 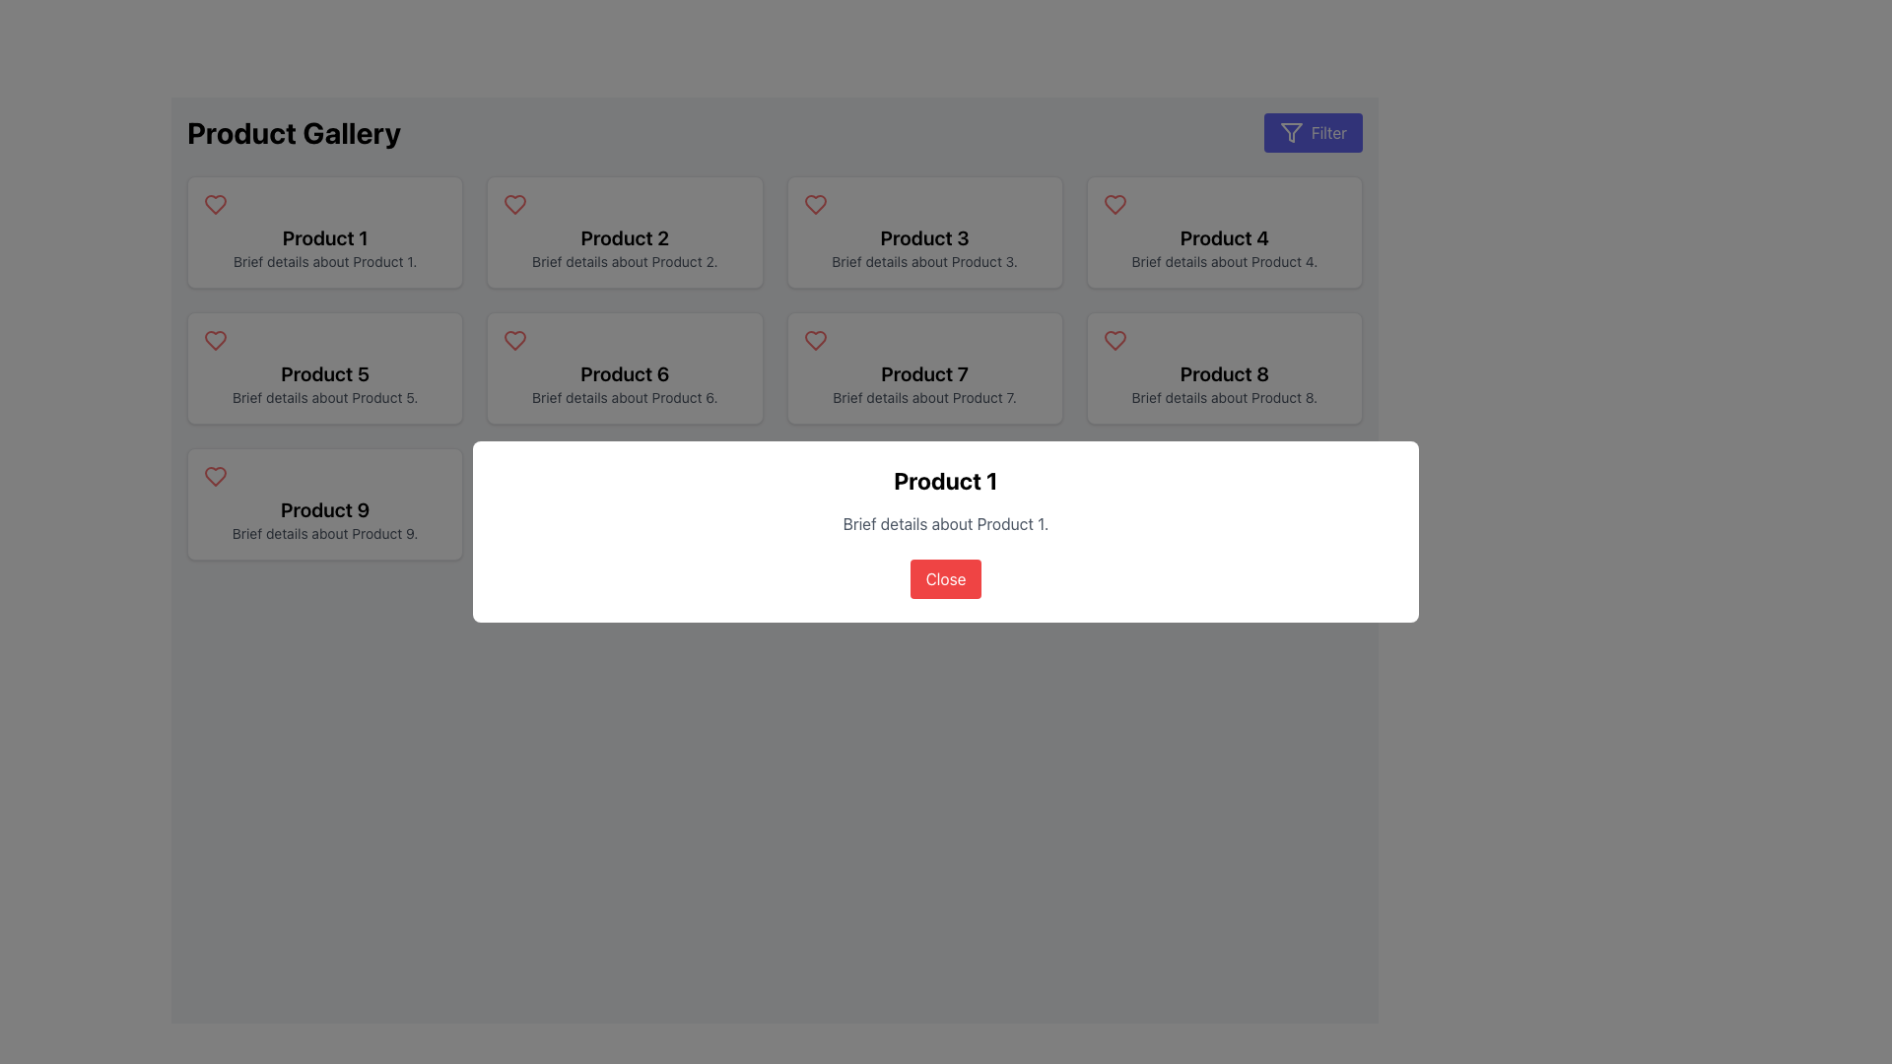 I want to click on the heart icon button located at the top-left corner of 'Product 7' card, so click(x=815, y=340).